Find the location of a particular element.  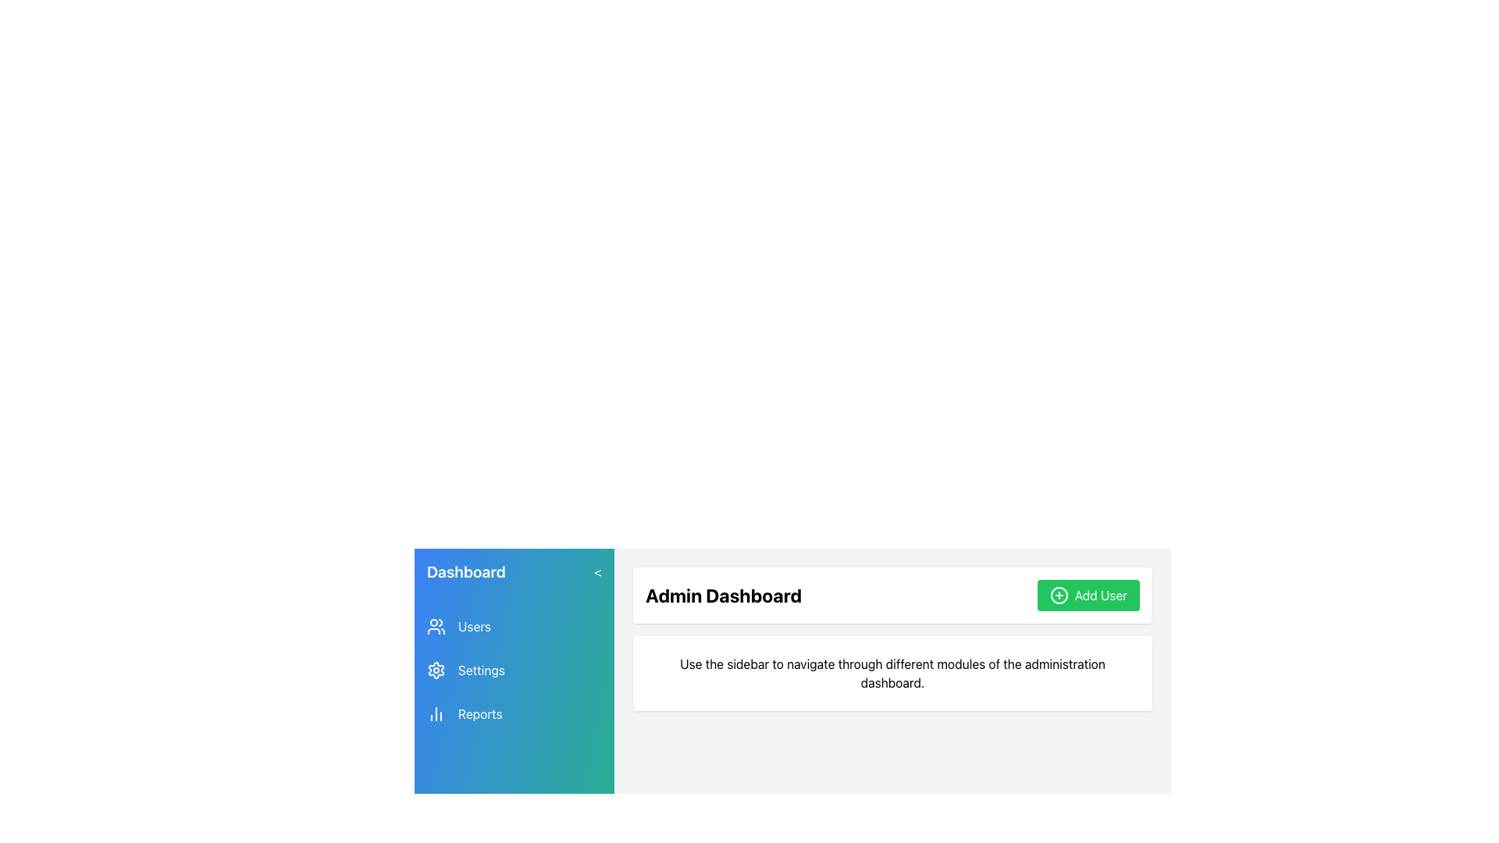

the Text Label that serves as a navigation option for accessing user-related functionalities, located under the 'Dashboard' heading in the sidebar, specifically the second item in the list is located at coordinates (474, 625).